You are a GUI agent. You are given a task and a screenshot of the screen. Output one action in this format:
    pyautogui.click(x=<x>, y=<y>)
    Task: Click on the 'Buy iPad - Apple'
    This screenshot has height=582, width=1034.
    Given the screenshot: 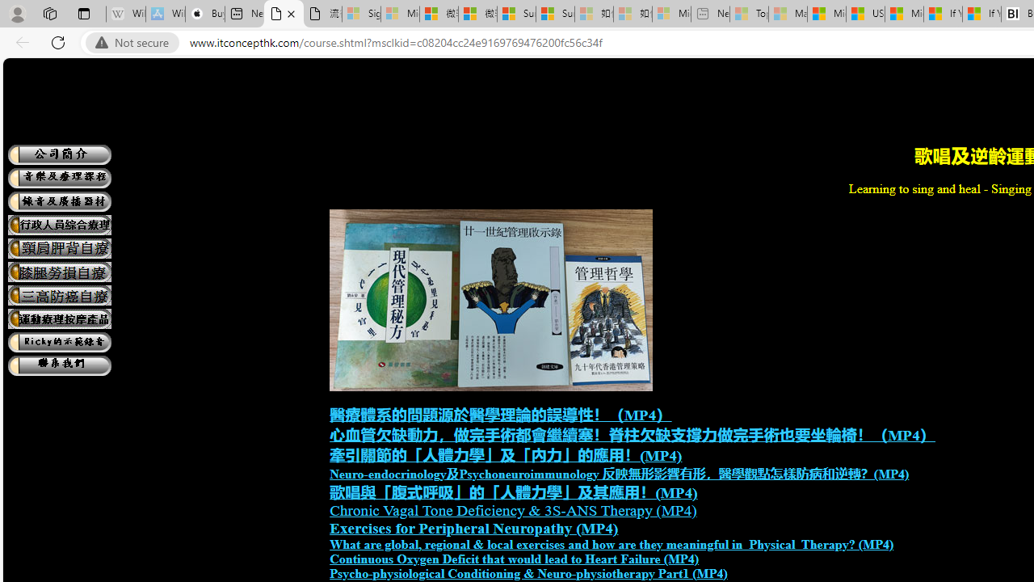 What is the action you would take?
    pyautogui.click(x=204, y=14)
    